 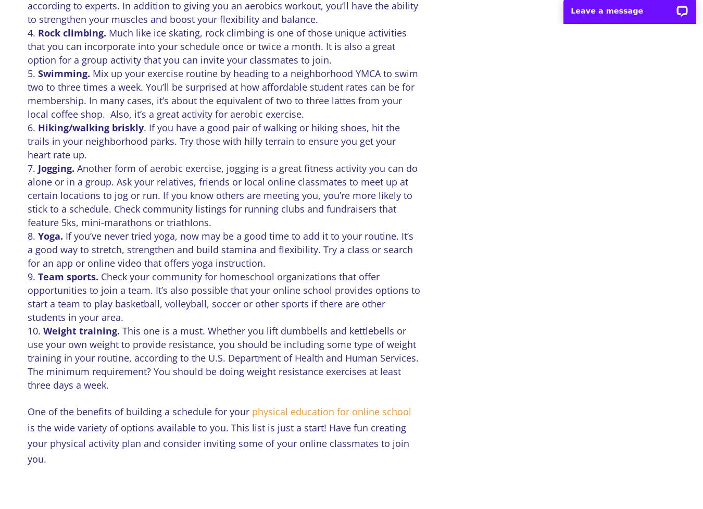 I want to click on 'If you’ve never tried yoga, now may be a good time to add it to your routine. It’s a good way to stretch, strengthen and build stamina and flexibility. Try a class or search for an app or online video that offers yoga instruction.', so click(x=220, y=250).